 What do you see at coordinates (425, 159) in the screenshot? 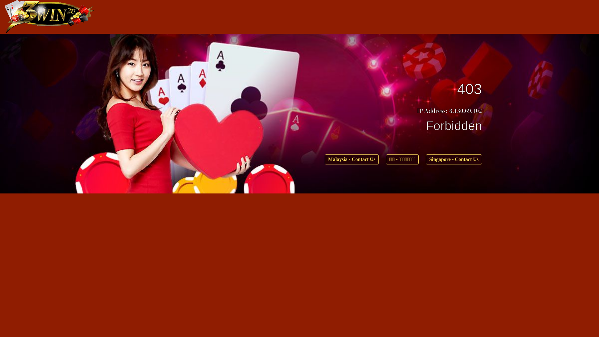
I see `'Singapore - Contact Us'` at bounding box center [425, 159].